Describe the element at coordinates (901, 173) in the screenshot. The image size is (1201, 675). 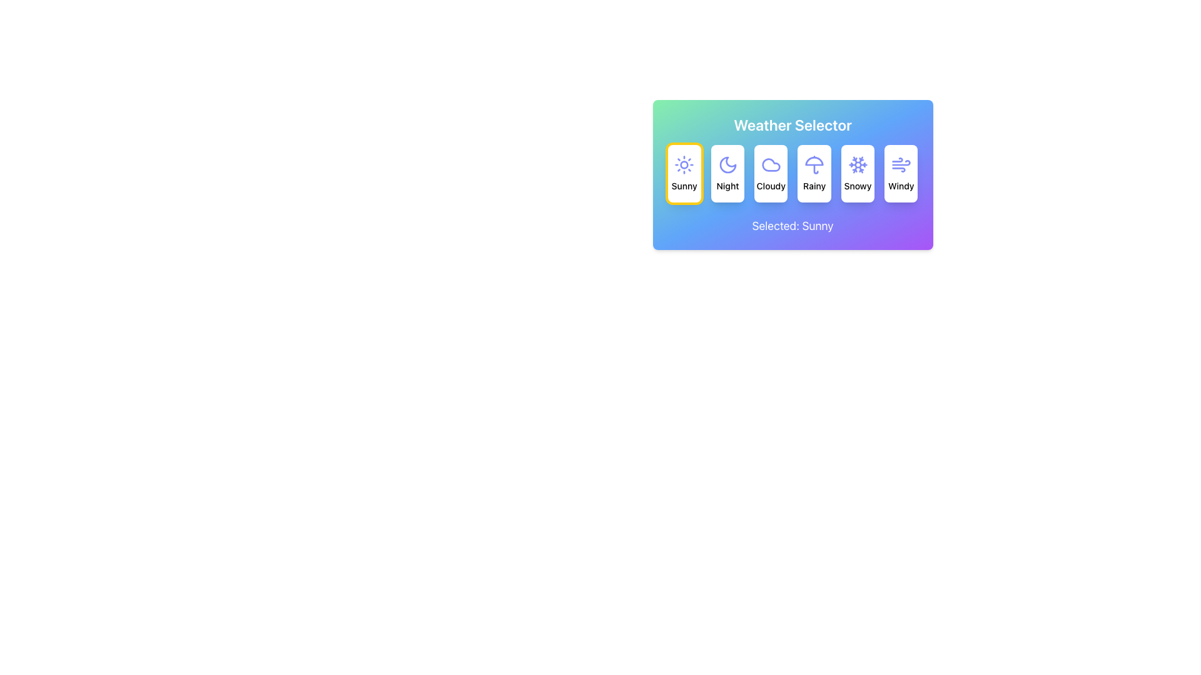
I see `the 'Windy' button in the Weather Selector` at that location.